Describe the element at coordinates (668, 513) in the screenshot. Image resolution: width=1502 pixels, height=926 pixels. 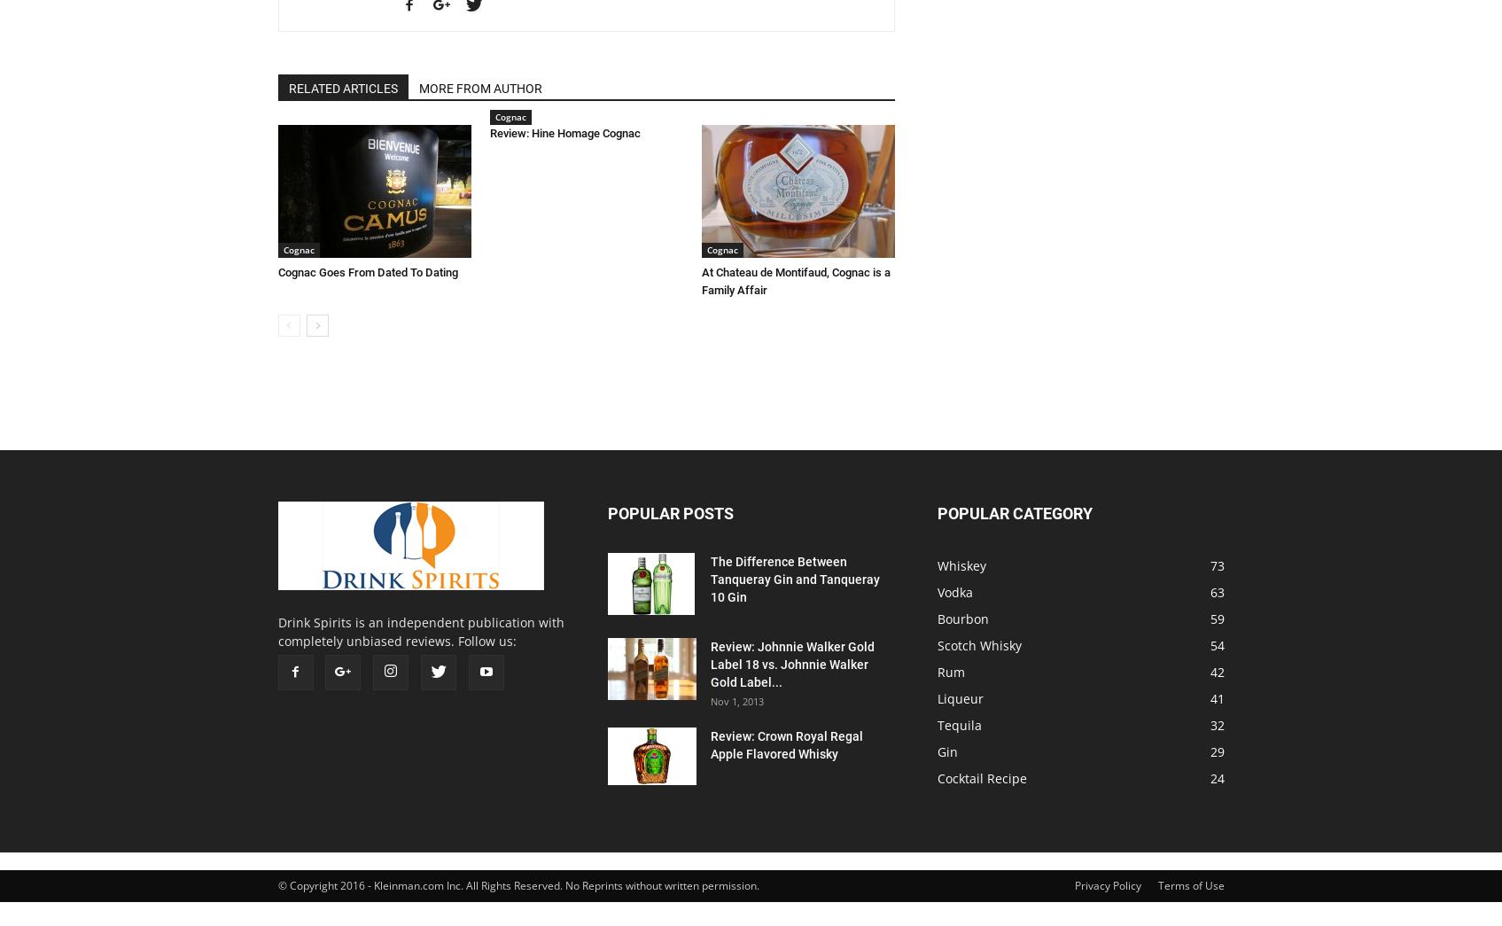
I see `'POPULAR POSTS'` at that location.